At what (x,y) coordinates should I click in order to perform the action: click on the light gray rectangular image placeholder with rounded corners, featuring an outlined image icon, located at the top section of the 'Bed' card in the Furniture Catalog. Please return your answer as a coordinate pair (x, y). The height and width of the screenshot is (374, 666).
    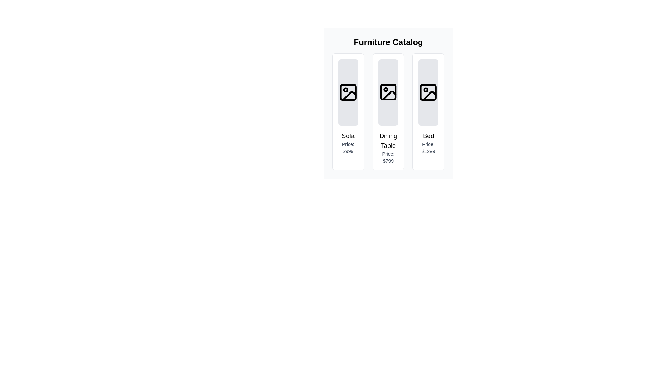
    Looking at the image, I should click on (428, 92).